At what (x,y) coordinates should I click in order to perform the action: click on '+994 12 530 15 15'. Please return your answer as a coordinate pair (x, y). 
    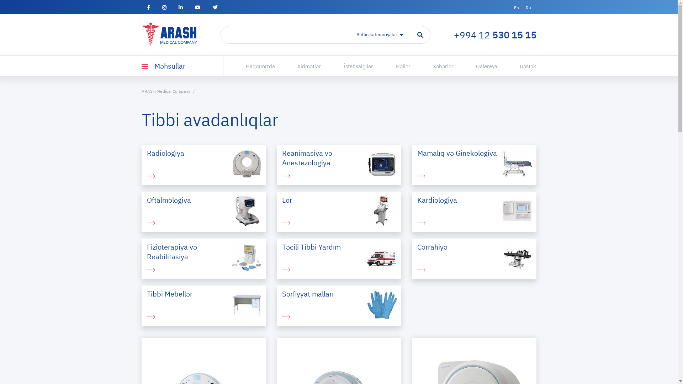
    Looking at the image, I should click on (454, 34).